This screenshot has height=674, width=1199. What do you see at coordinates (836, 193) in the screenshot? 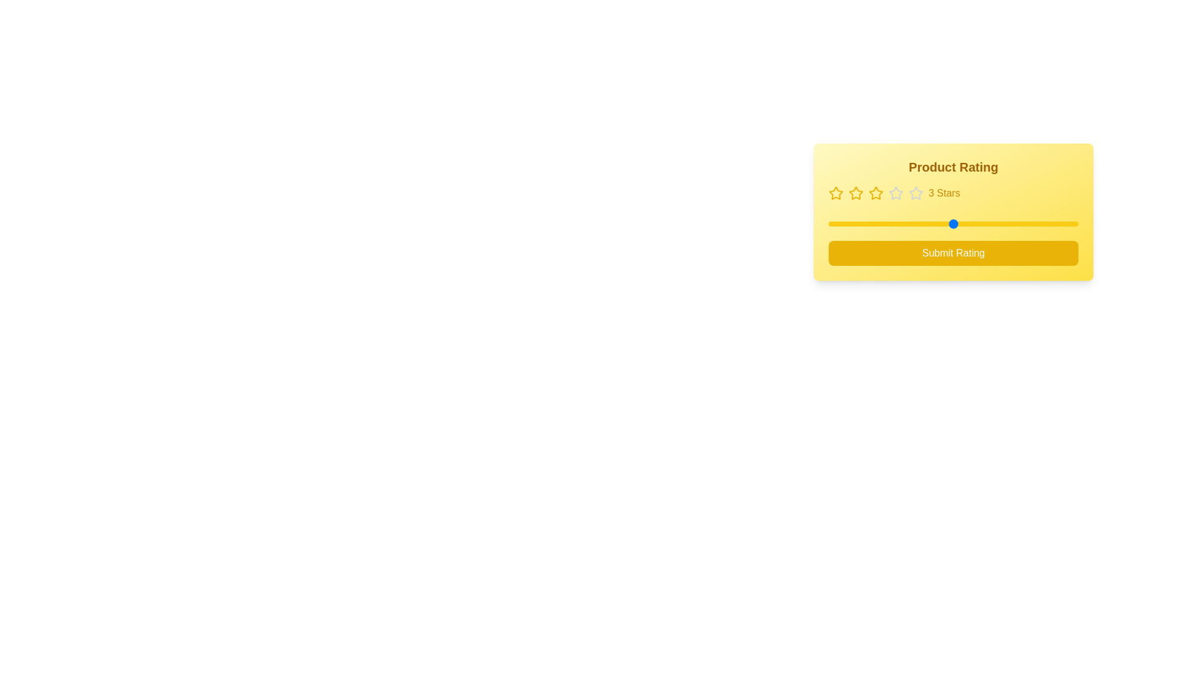
I see `the first star icon in the star-rating system under the text '3 Stars'` at bounding box center [836, 193].